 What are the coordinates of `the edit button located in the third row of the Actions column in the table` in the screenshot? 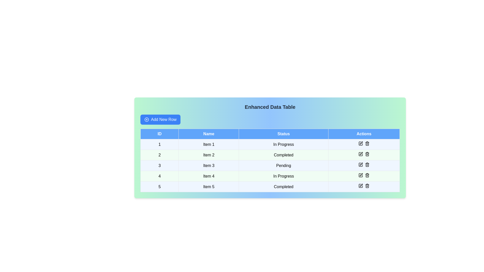 It's located at (360, 165).